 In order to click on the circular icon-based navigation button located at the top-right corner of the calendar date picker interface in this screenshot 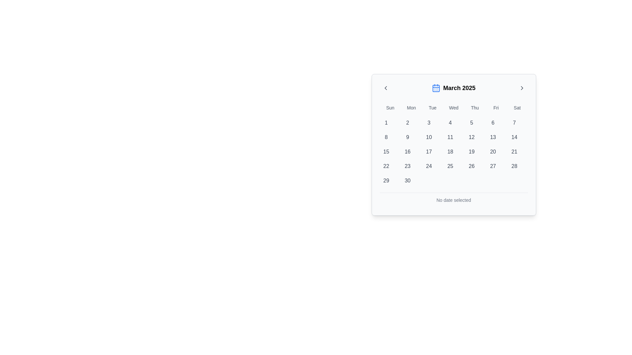, I will do `click(521, 87)`.